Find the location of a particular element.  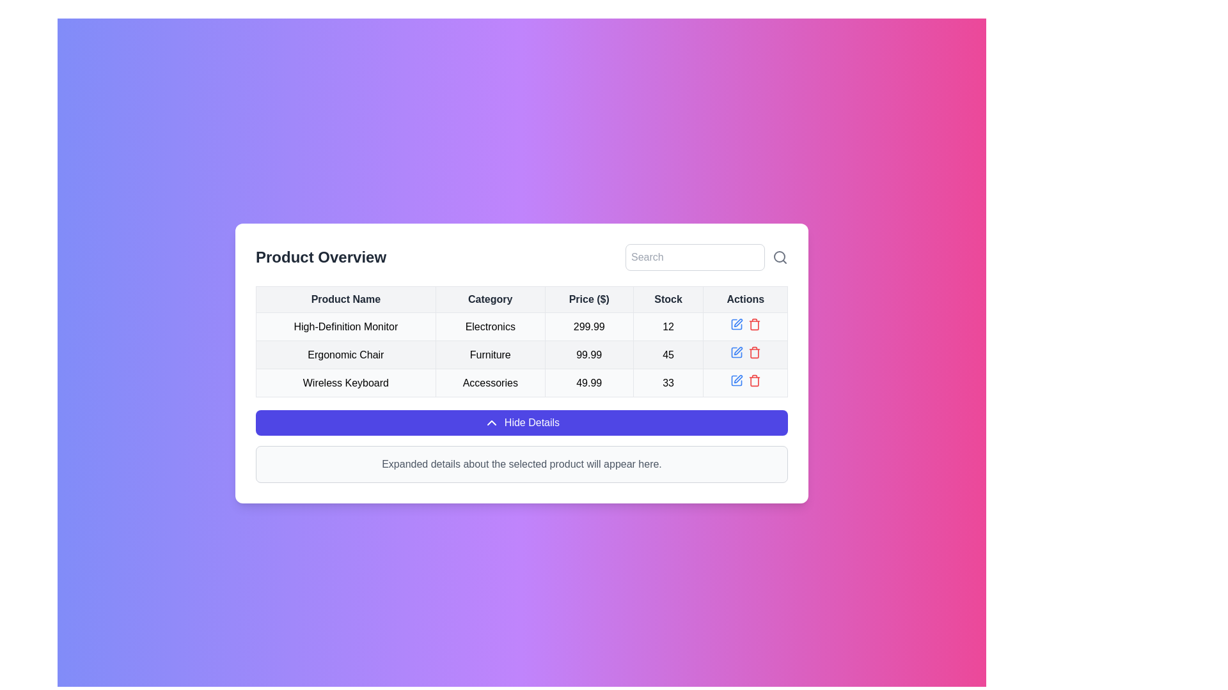

the stock quantity text for the 'High-Definition Monitor' product located in the fourth column of the first data row in the table is located at coordinates (668, 326).